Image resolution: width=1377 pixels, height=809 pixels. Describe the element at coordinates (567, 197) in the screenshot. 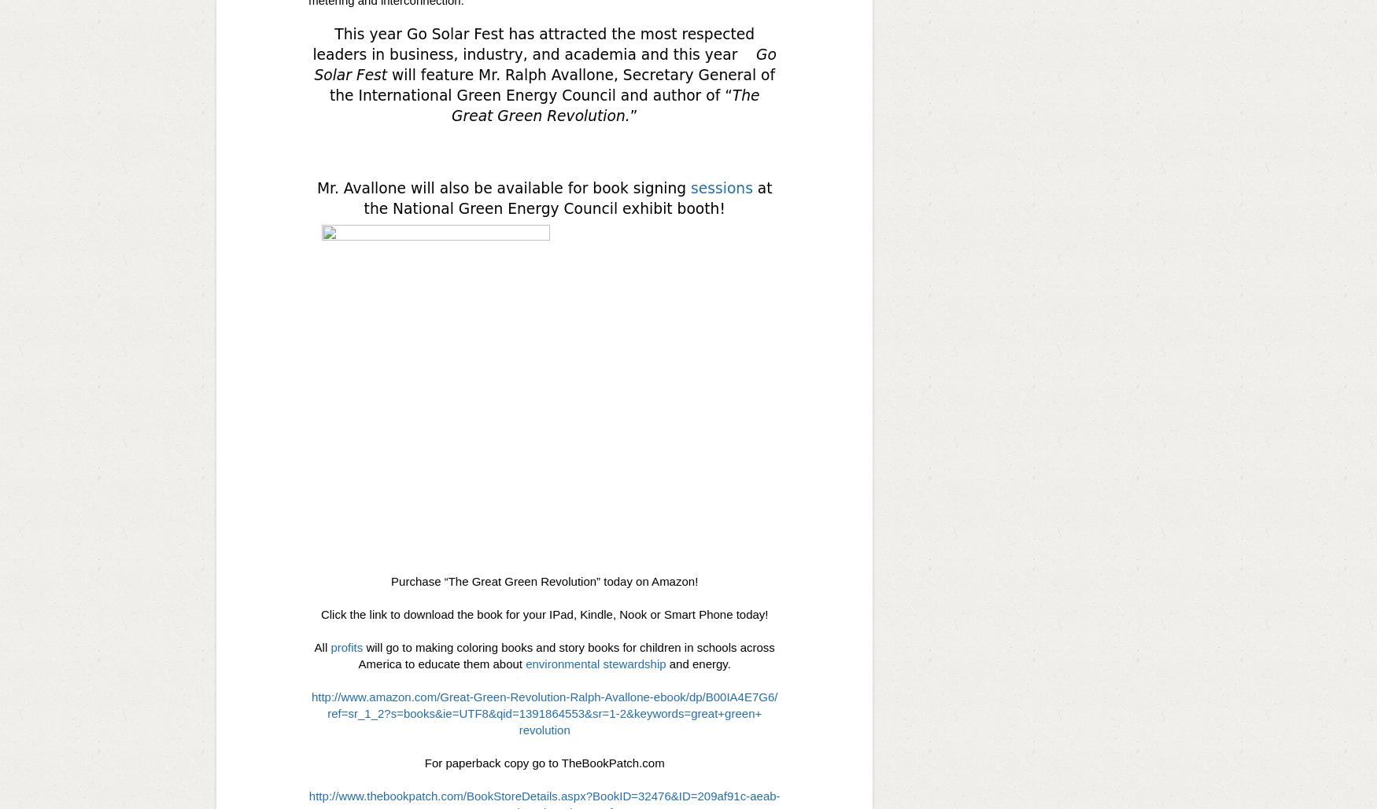

I see `'at the National Green Energy Council exhibit booth!'` at that location.